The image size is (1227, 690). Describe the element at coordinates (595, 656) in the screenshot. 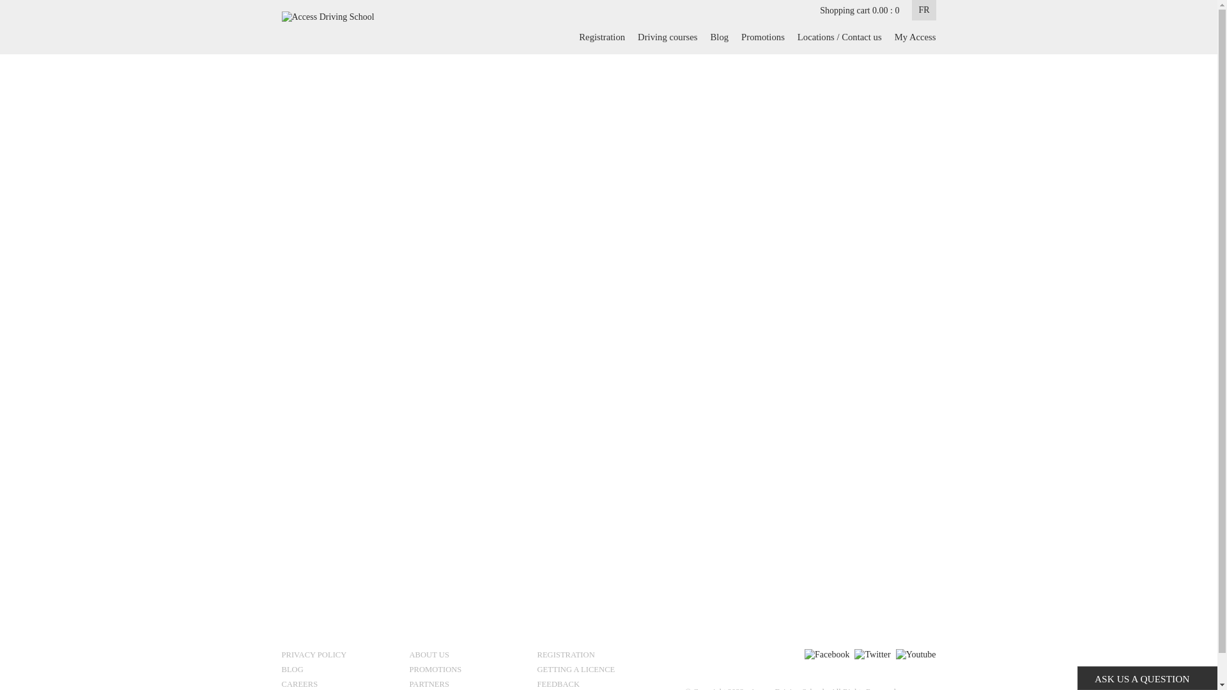

I see `'REGISTRATION'` at that location.